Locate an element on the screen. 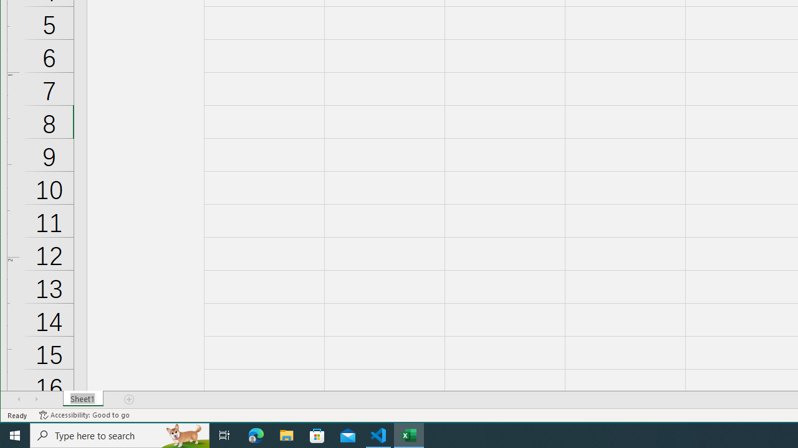 The height and width of the screenshot is (448, 798). 'Sheet Tab' is located at coordinates (82, 399).